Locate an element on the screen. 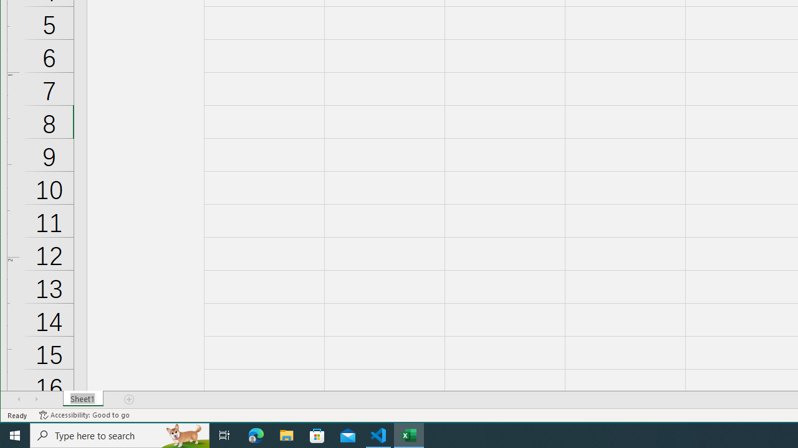 The height and width of the screenshot is (448, 798). 'Sheet Tab' is located at coordinates (82, 399).